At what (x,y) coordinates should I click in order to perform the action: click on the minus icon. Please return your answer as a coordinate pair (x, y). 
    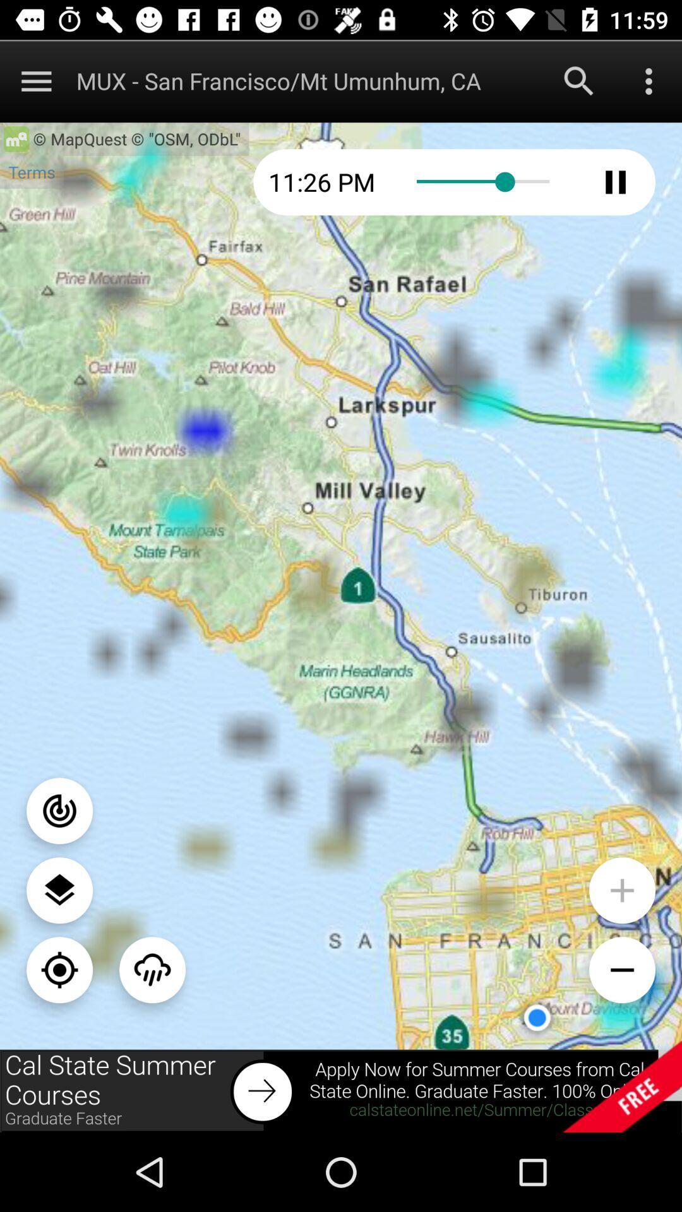
    Looking at the image, I should click on (621, 969).